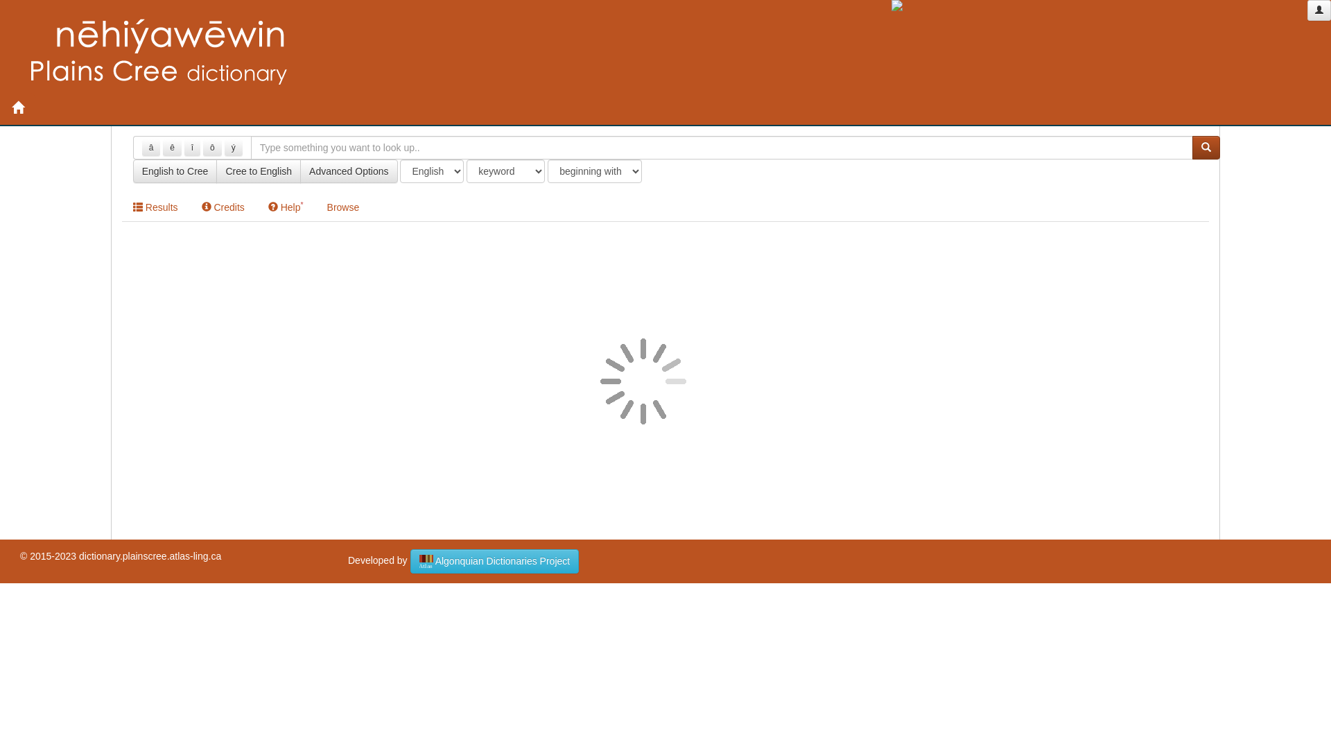 The width and height of the screenshot is (1331, 749). I want to click on 'Browse', so click(343, 207).